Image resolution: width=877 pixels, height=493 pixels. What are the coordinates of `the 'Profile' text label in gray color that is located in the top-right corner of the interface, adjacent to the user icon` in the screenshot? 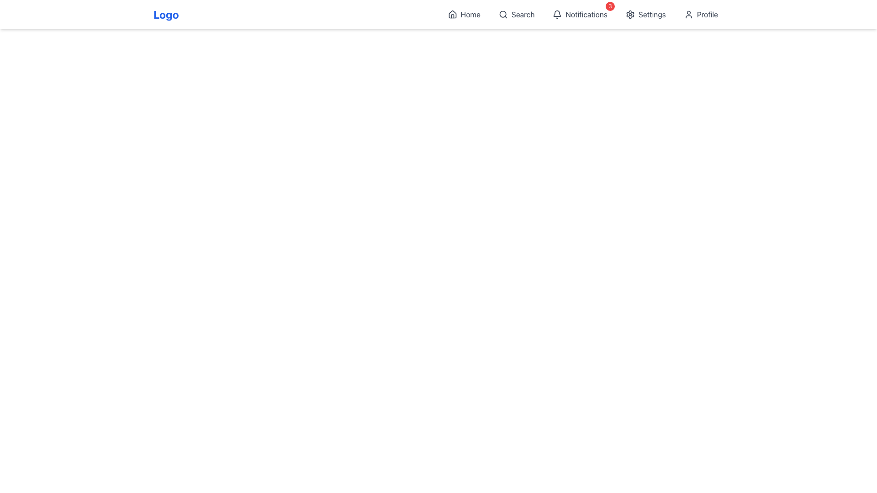 It's located at (707, 14).